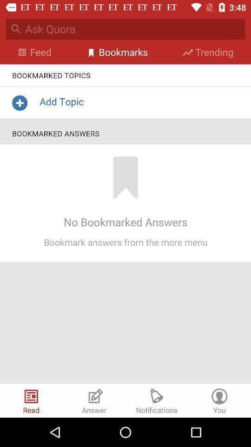  Describe the element at coordinates (31, 395) in the screenshot. I see `the icon left to answer` at that location.